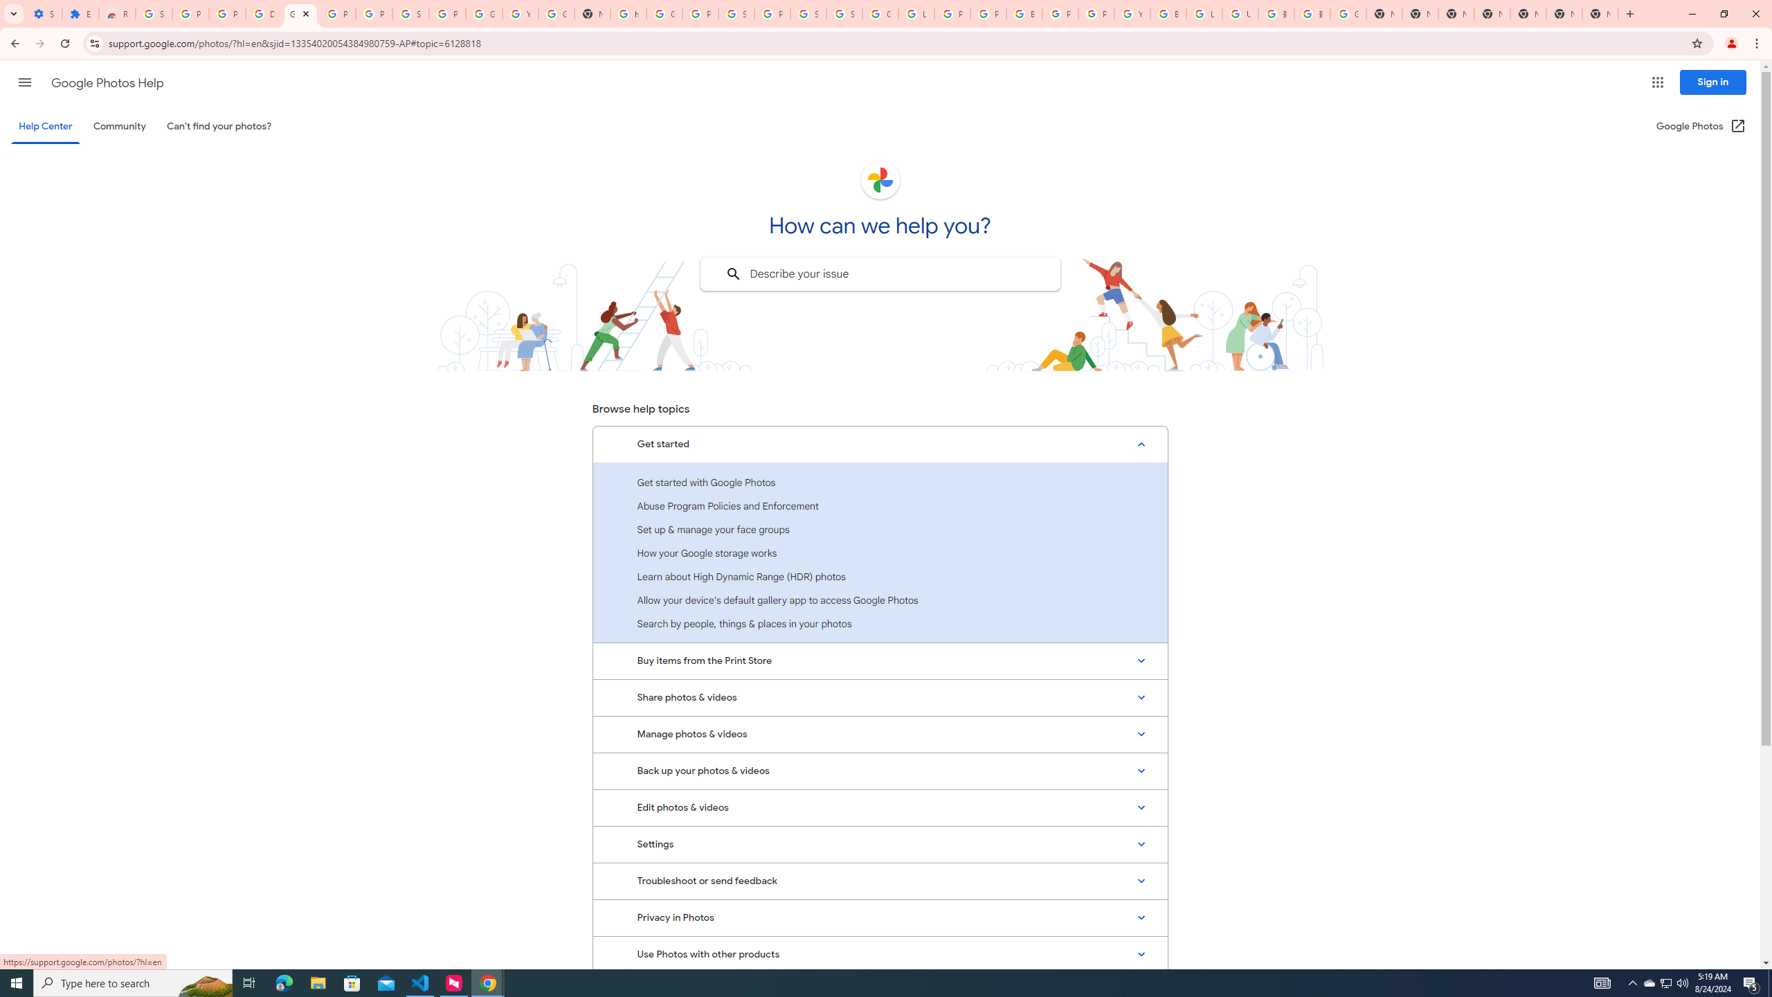 The height and width of the screenshot is (997, 1772). What do you see at coordinates (263, 13) in the screenshot?
I see `'Delete photos & videos - Computer - Google Photos Help'` at bounding box center [263, 13].